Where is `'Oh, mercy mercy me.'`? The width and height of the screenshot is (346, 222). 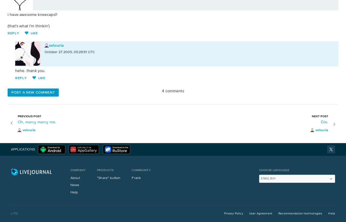
'Oh, mercy mercy me.' is located at coordinates (37, 122).